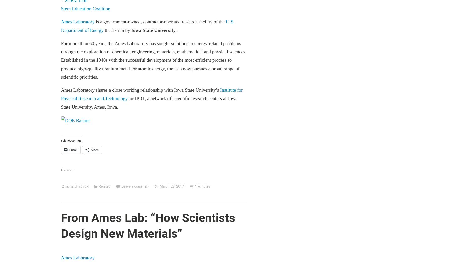  What do you see at coordinates (94, 149) in the screenshot?
I see `'More'` at bounding box center [94, 149].